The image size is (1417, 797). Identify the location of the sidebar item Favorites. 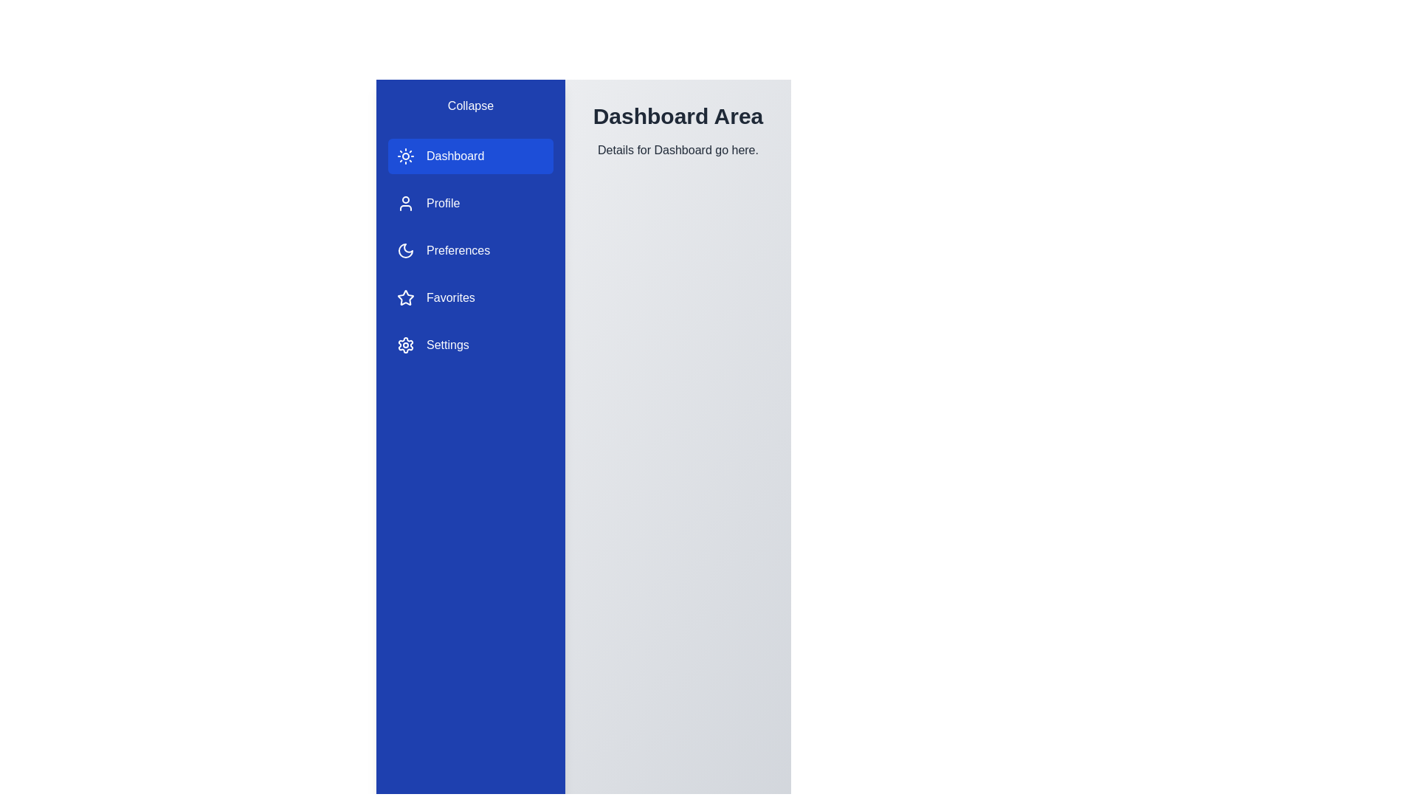
(470, 298).